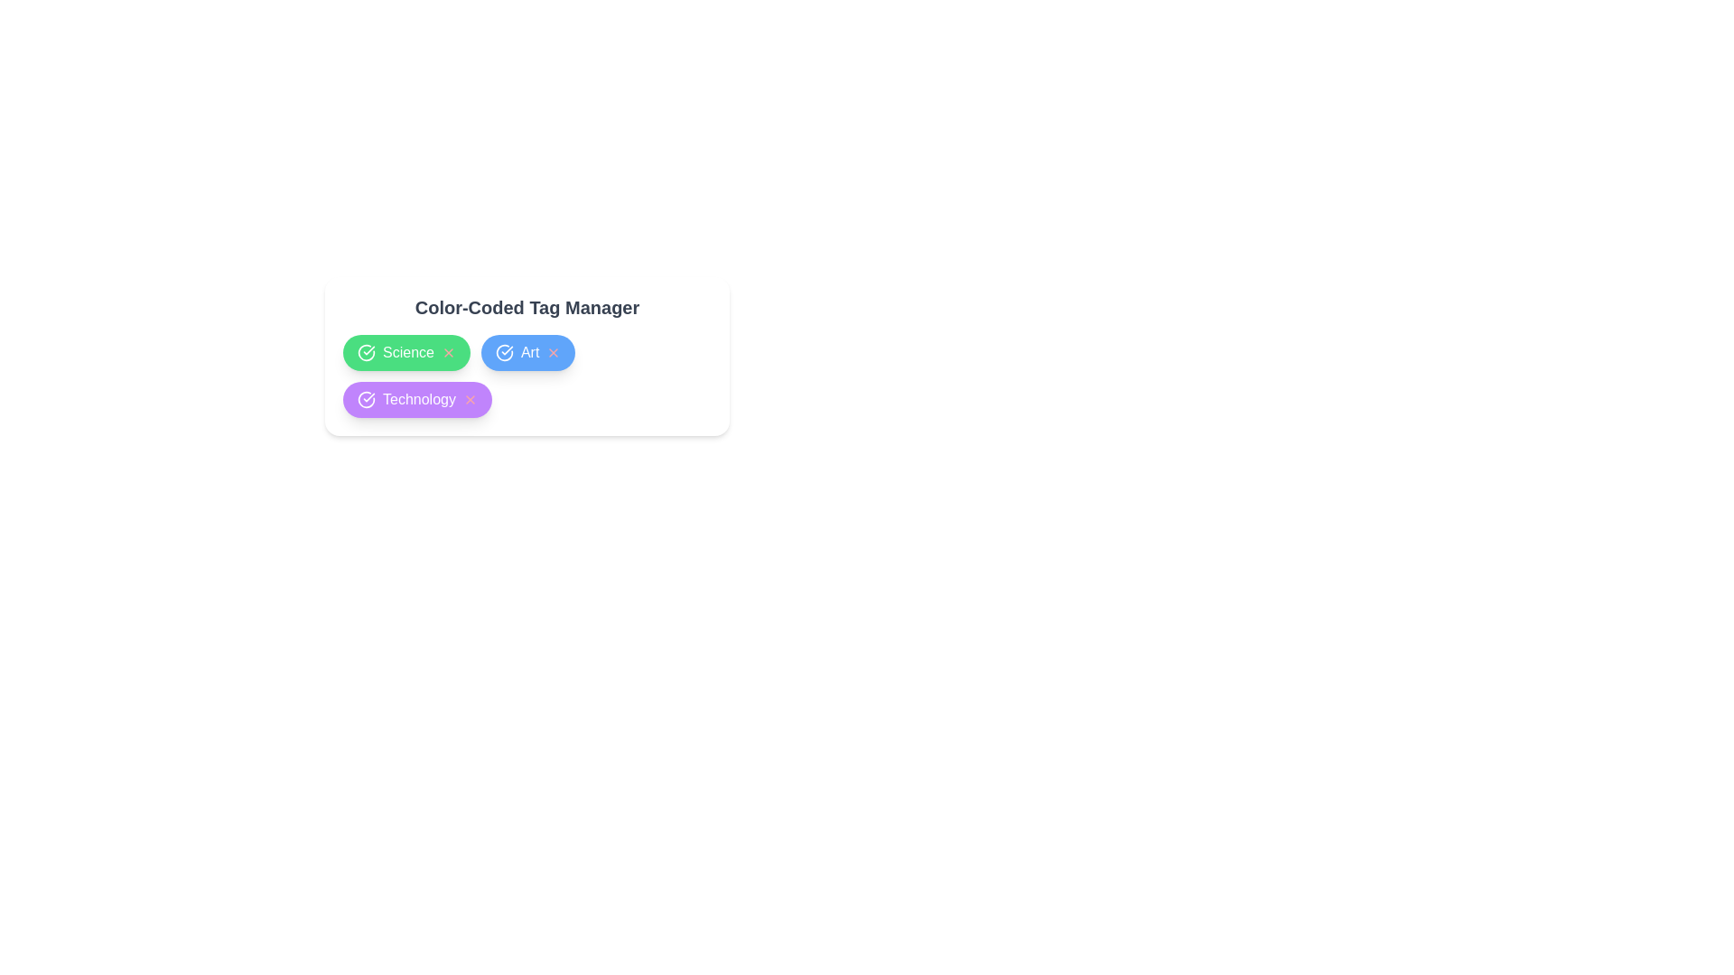 This screenshot has width=1734, height=975. I want to click on the tag Technology to see the hover effect, so click(415, 399).